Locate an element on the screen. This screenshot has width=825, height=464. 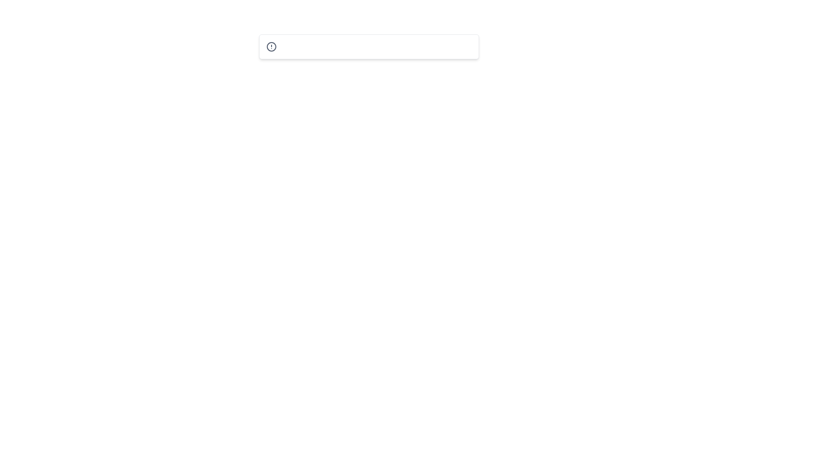
the warning indicator icon located at the top-left corner of the rectangular card with a white background and shadowed styling is located at coordinates (271, 46).